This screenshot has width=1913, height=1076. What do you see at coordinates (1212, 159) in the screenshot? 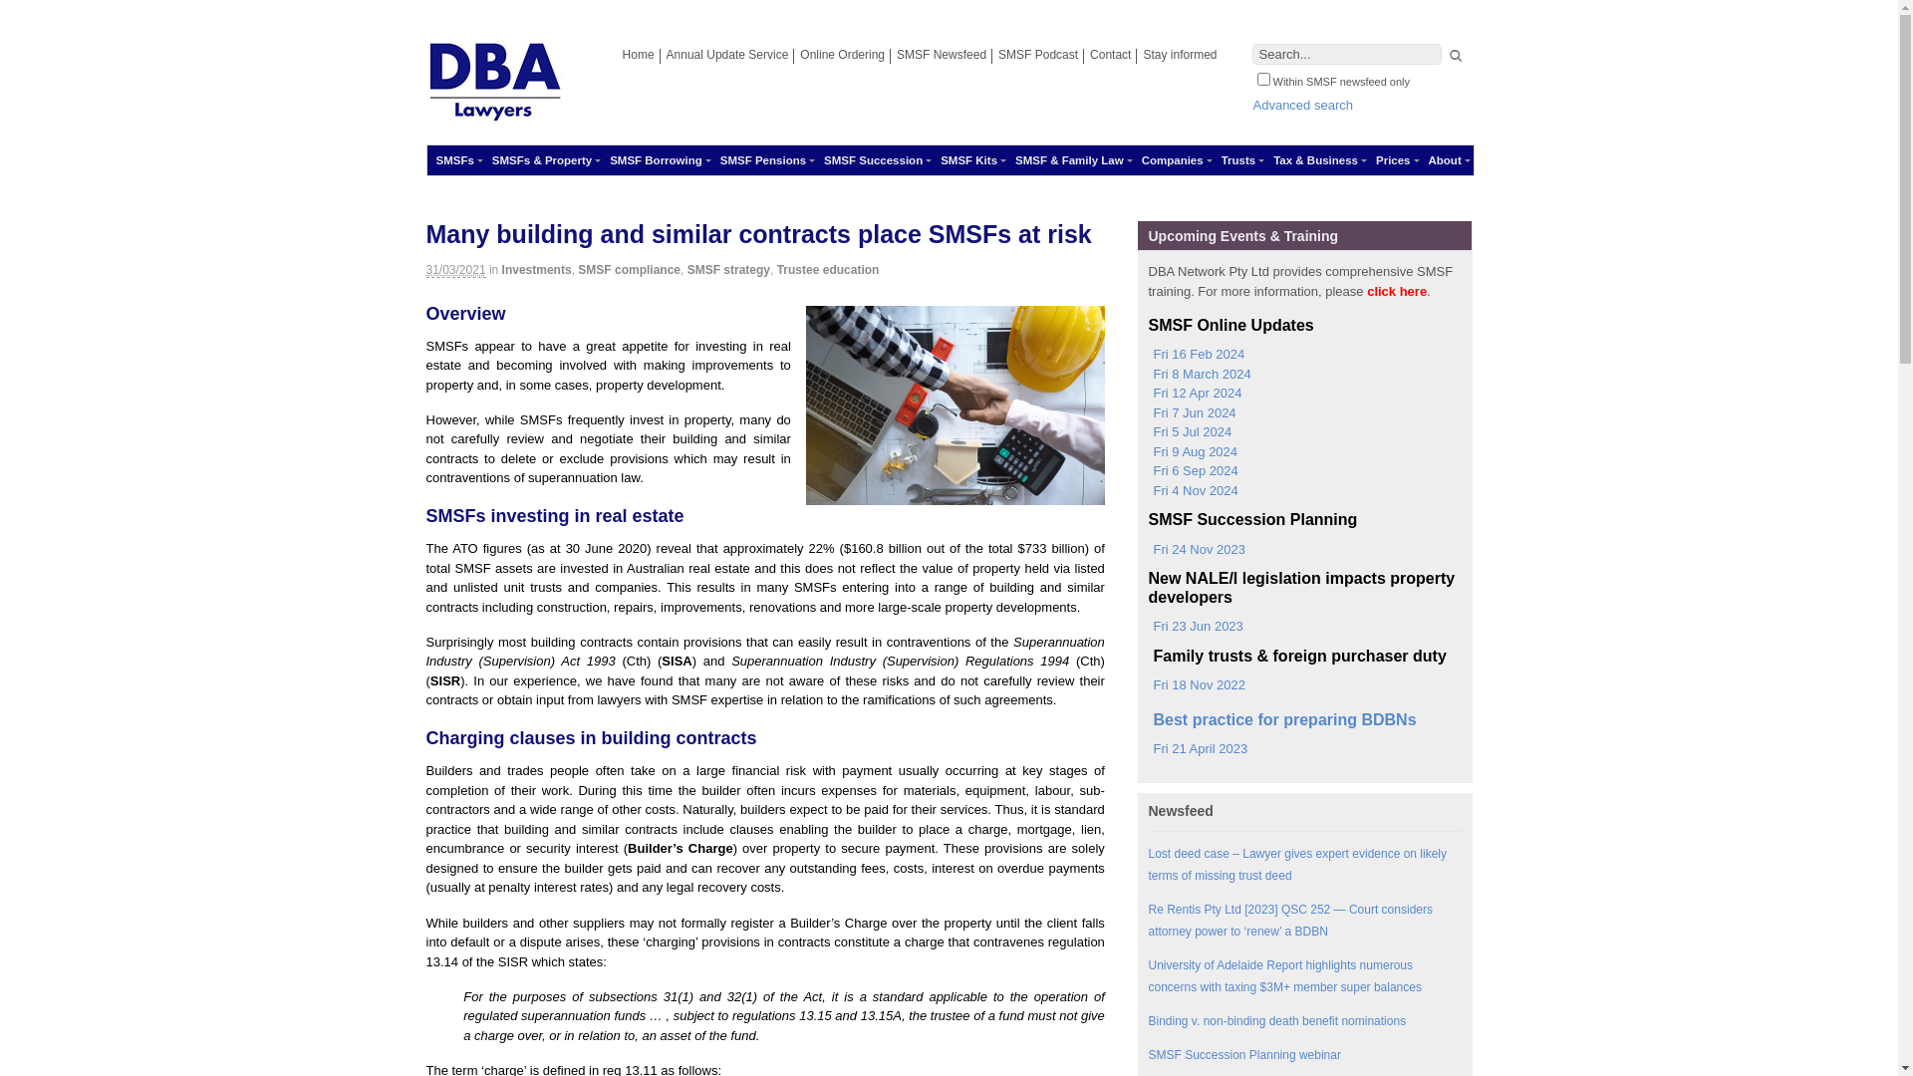
I see `'Trusts'` at bounding box center [1212, 159].